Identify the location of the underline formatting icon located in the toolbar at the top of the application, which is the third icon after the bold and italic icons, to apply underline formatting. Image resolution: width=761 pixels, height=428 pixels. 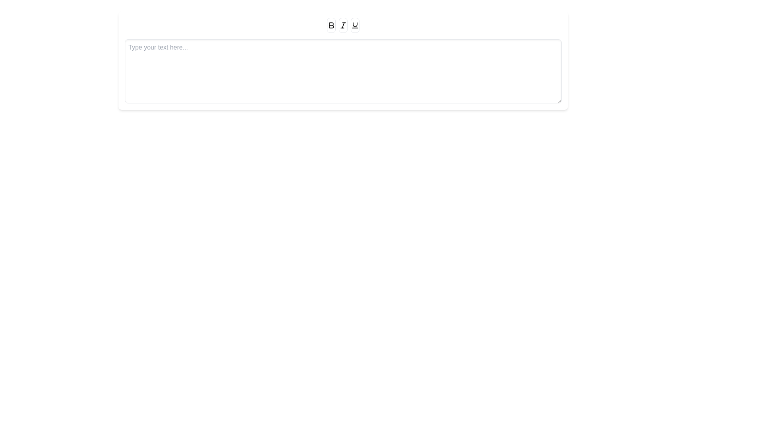
(355, 25).